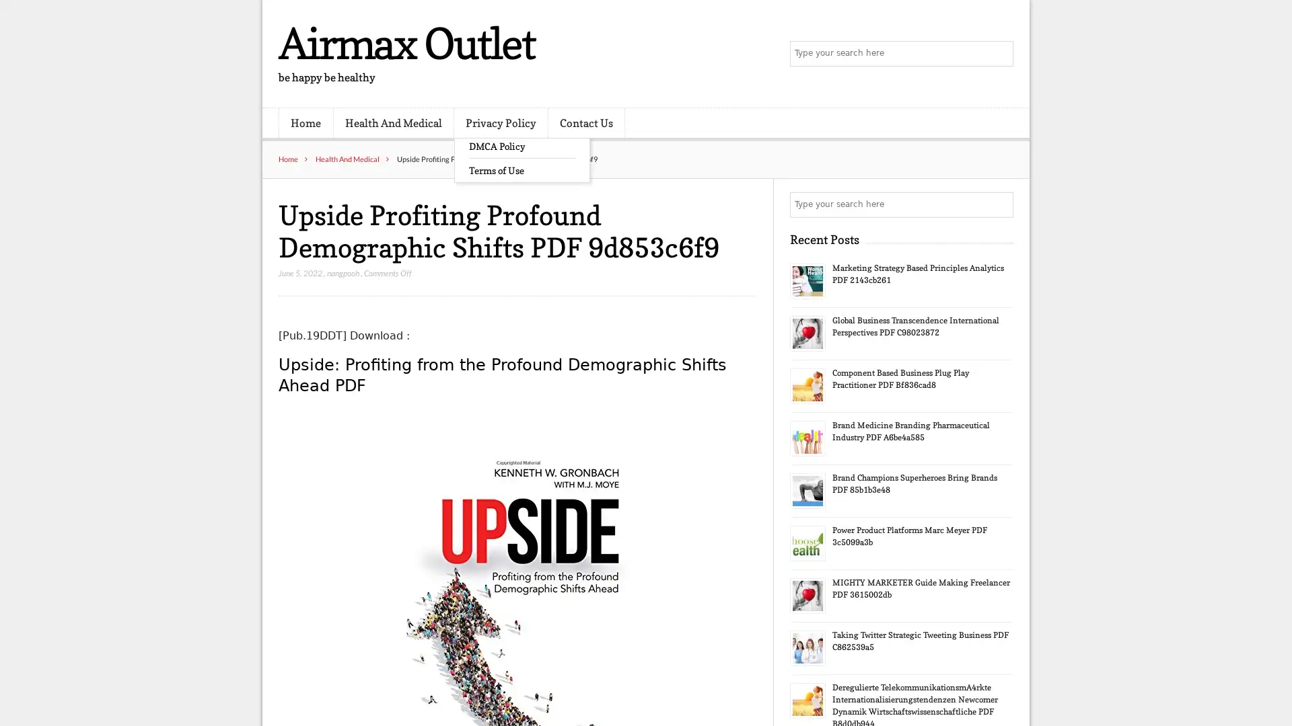  What do you see at coordinates (999, 204) in the screenshot?
I see `Search` at bounding box center [999, 204].